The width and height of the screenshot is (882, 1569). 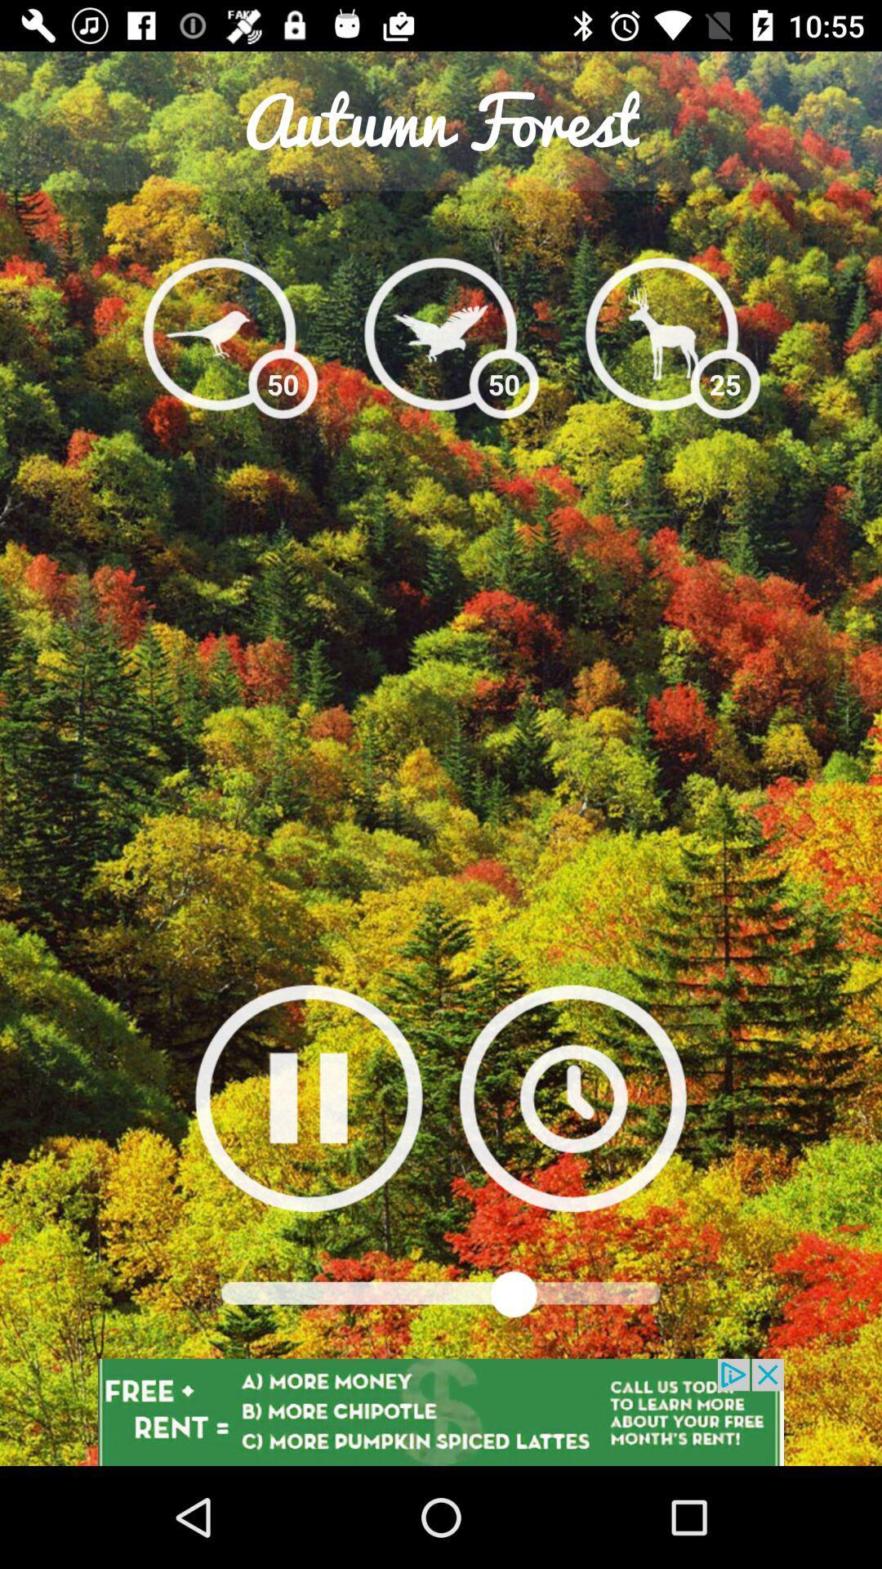 What do you see at coordinates (439, 333) in the screenshot?
I see `mammal name` at bounding box center [439, 333].